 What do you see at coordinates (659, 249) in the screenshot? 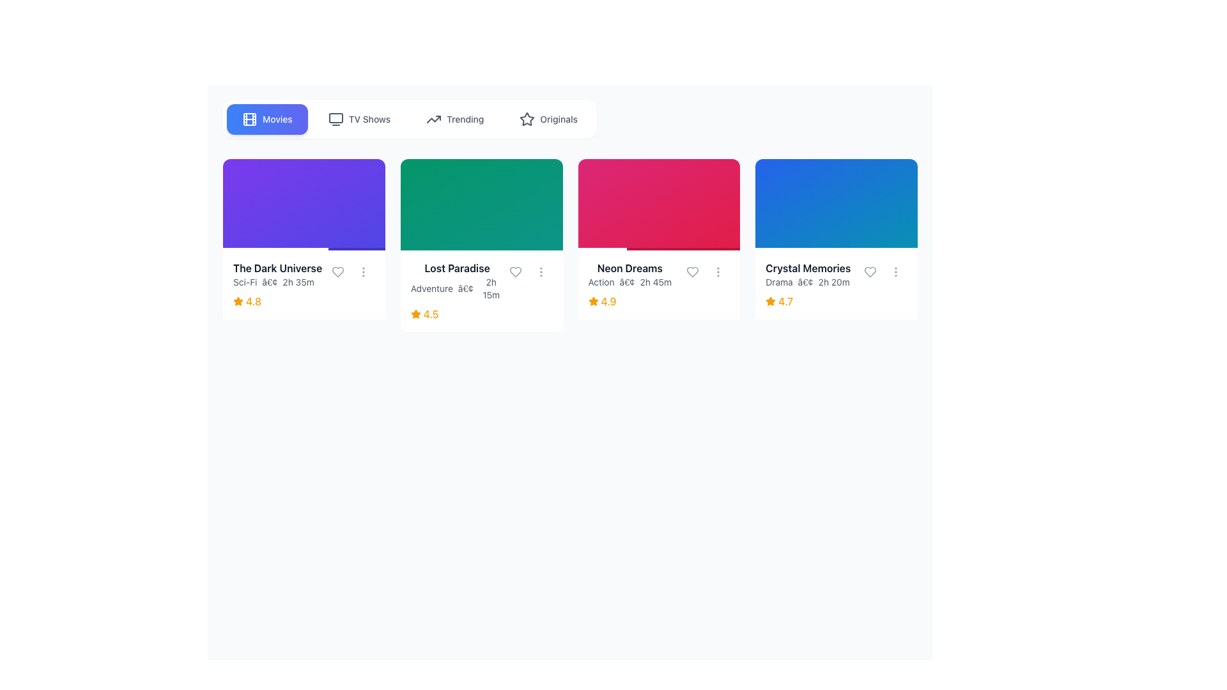
I see `the progress bar located at the bottom edge of the third horizontal rectangular card` at bounding box center [659, 249].